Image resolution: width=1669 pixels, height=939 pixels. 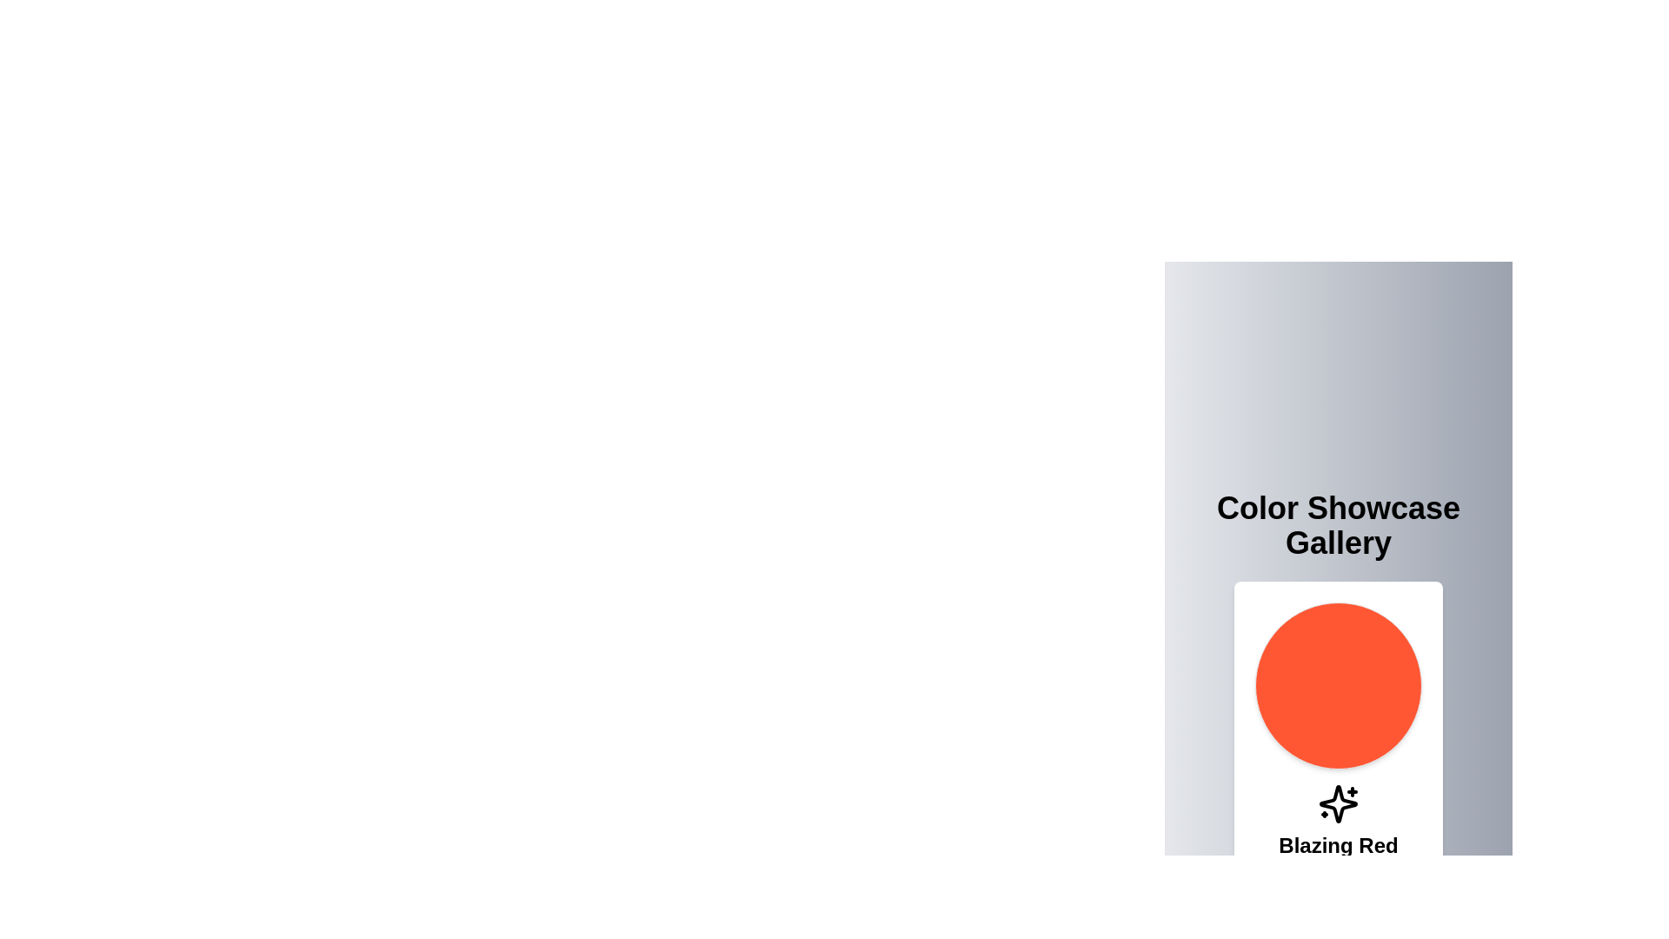 I want to click on the static text element labeled 'Color Showcase Gallery', which is prominently displayed in bold black font at the top of the viewport, so click(x=1338, y=525).